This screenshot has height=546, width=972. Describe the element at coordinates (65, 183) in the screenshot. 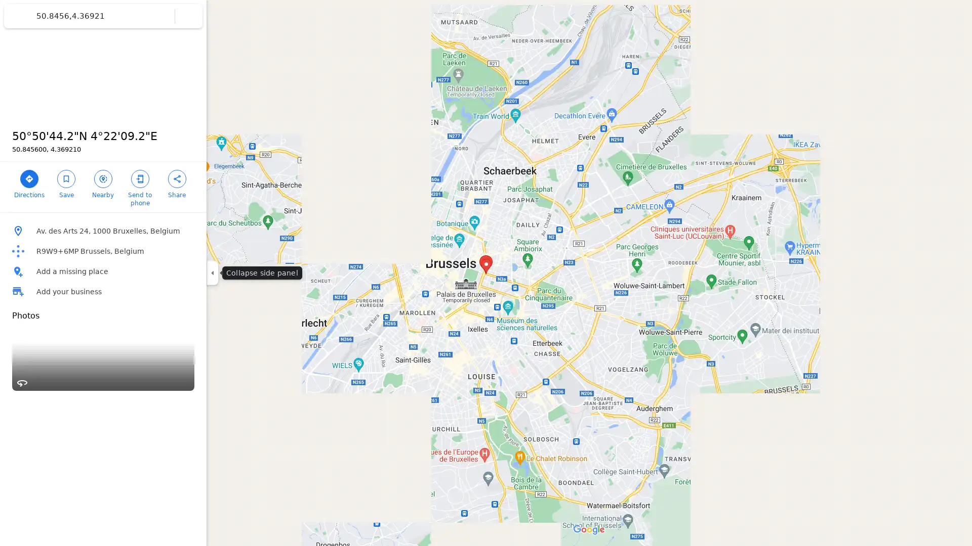

I see `Save 5050'44.2"N 422'09.2"E in your lists` at that location.